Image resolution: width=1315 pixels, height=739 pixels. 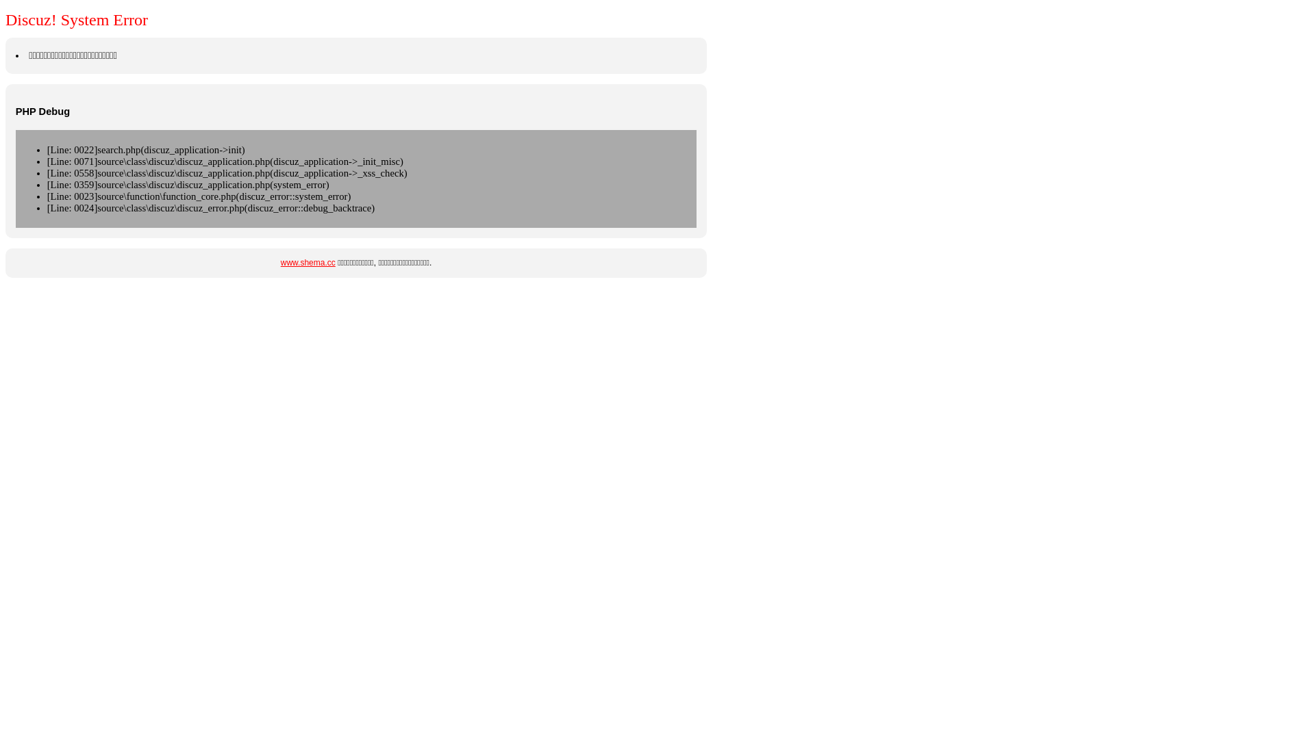 I want to click on 'www.shema.cc', so click(x=308, y=263).